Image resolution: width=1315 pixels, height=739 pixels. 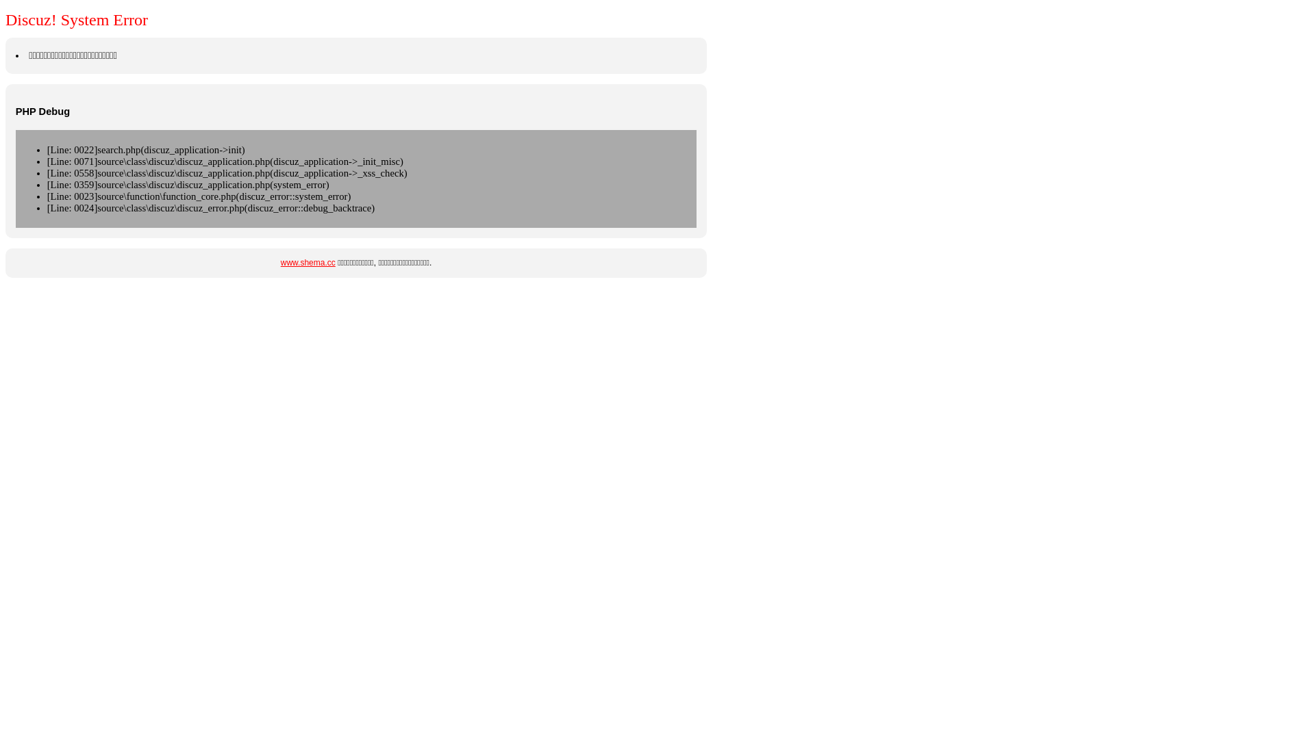 I want to click on 'www.shema.cc', so click(x=308, y=263).